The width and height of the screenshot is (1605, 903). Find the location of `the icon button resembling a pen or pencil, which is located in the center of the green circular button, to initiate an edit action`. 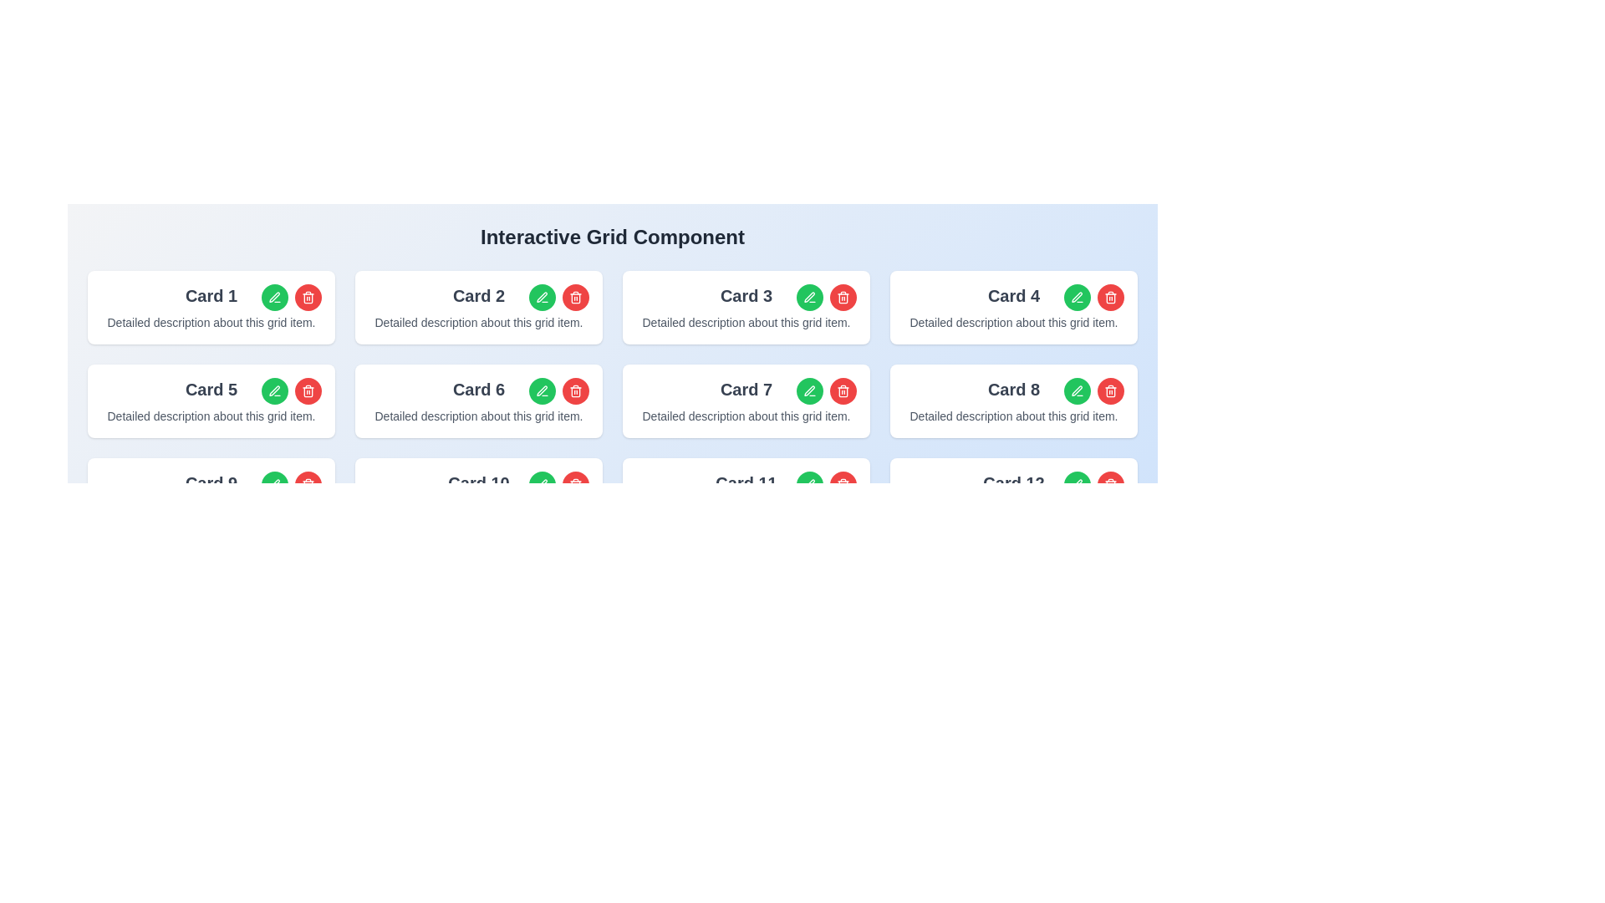

the icon button resembling a pen or pencil, which is located in the center of the green circular button, to initiate an edit action is located at coordinates (810, 296).